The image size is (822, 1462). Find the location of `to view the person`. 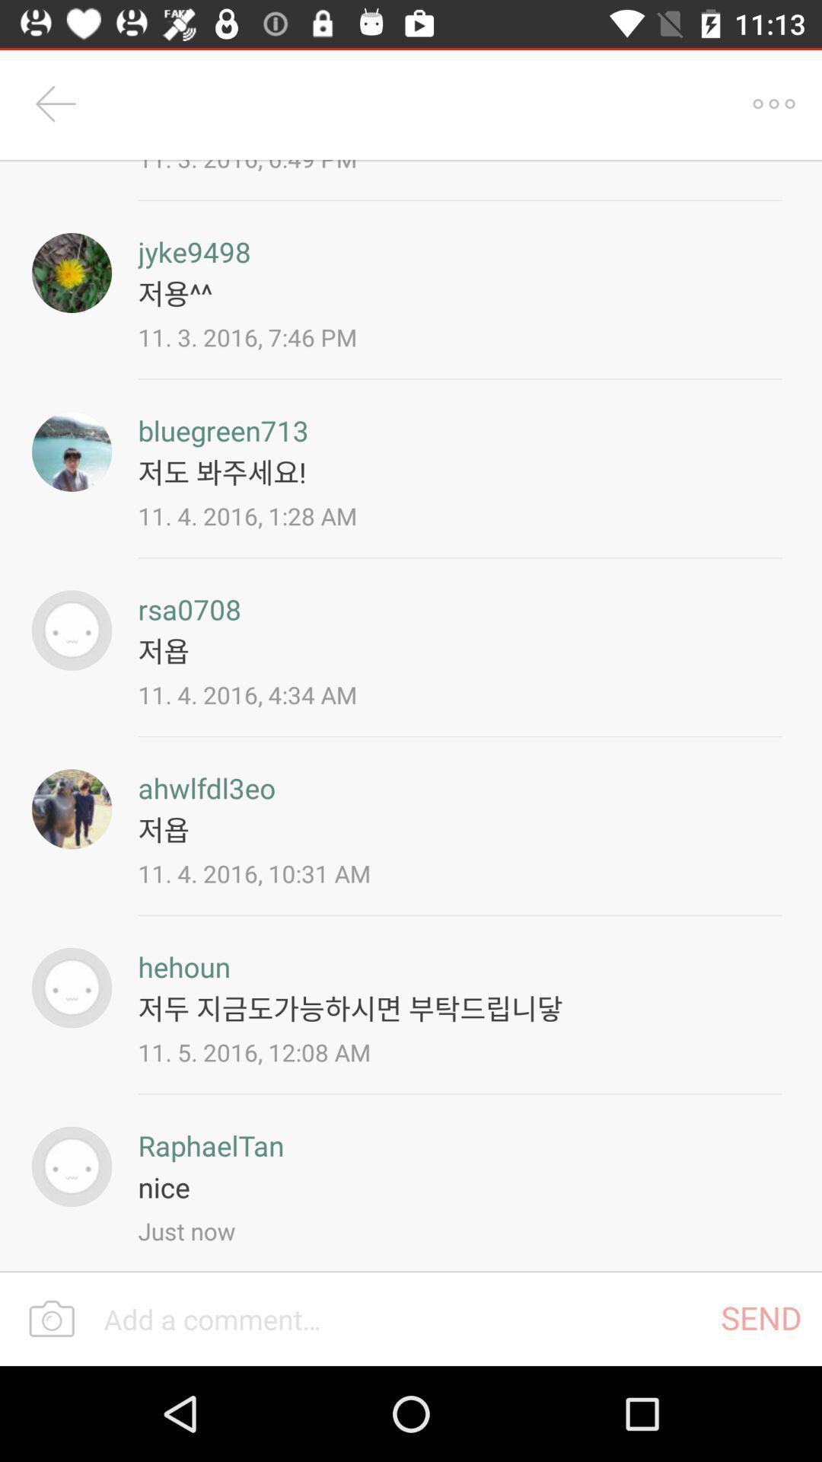

to view the person is located at coordinates (72, 1166).